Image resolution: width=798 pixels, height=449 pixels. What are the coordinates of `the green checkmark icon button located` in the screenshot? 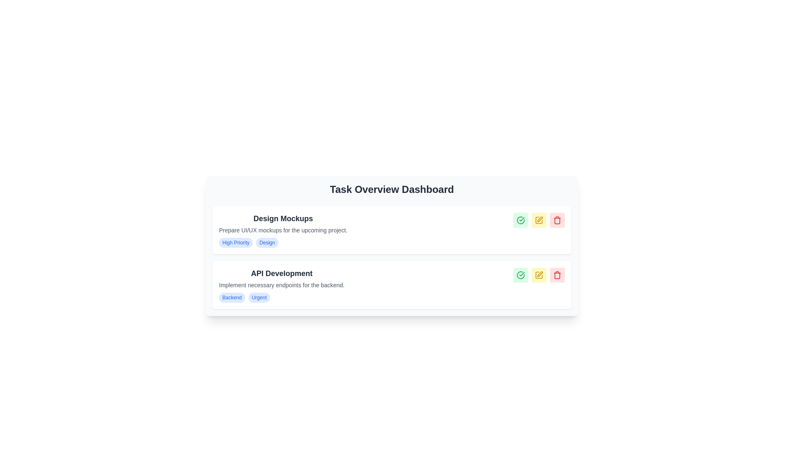 It's located at (520, 220).